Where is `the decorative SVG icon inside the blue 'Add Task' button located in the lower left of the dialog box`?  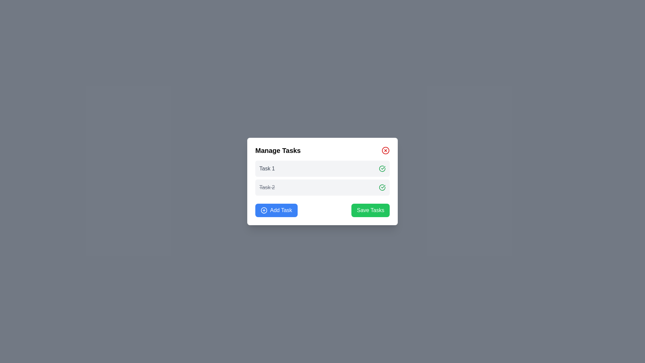 the decorative SVG icon inside the blue 'Add Task' button located in the lower left of the dialog box is located at coordinates (264, 210).